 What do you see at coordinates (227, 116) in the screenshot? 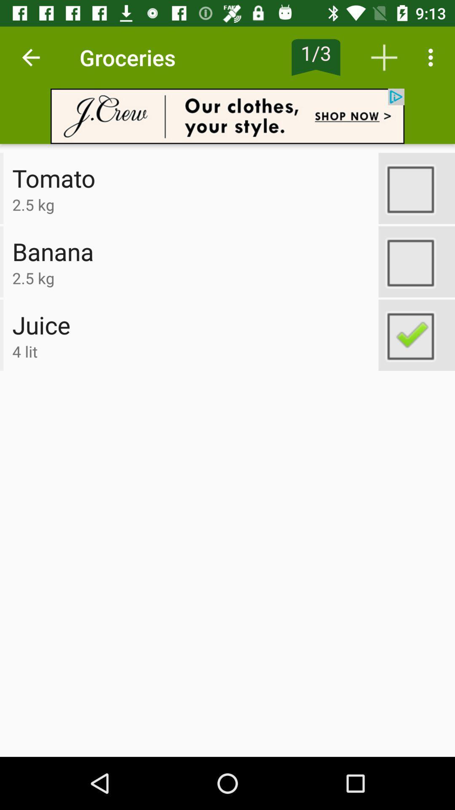
I see `open advertisement` at bounding box center [227, 116].